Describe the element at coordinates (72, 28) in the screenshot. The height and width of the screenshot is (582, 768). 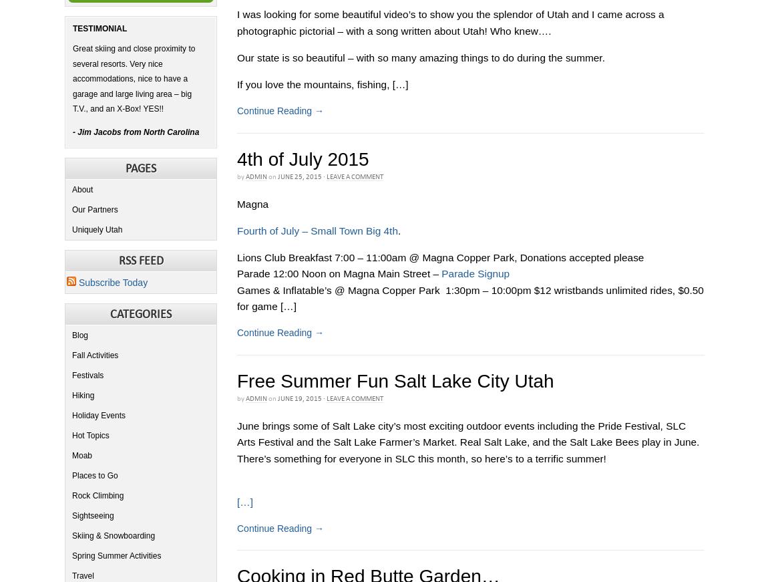
I see `'Testimonial'` at that location.